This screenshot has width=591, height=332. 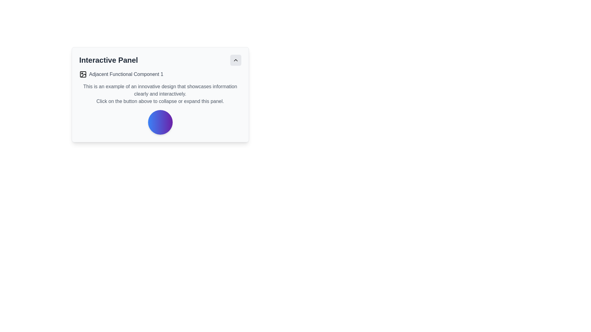 What do you see at coordinates (160, 74) in the screenshot?
I see `the Label with Icon reading 'Adjacent Functional Component 1', which includes a small image symbol on its left, located near the top of the panel just below the 'Interactive Panel' header` at bounding box center [160, 74].